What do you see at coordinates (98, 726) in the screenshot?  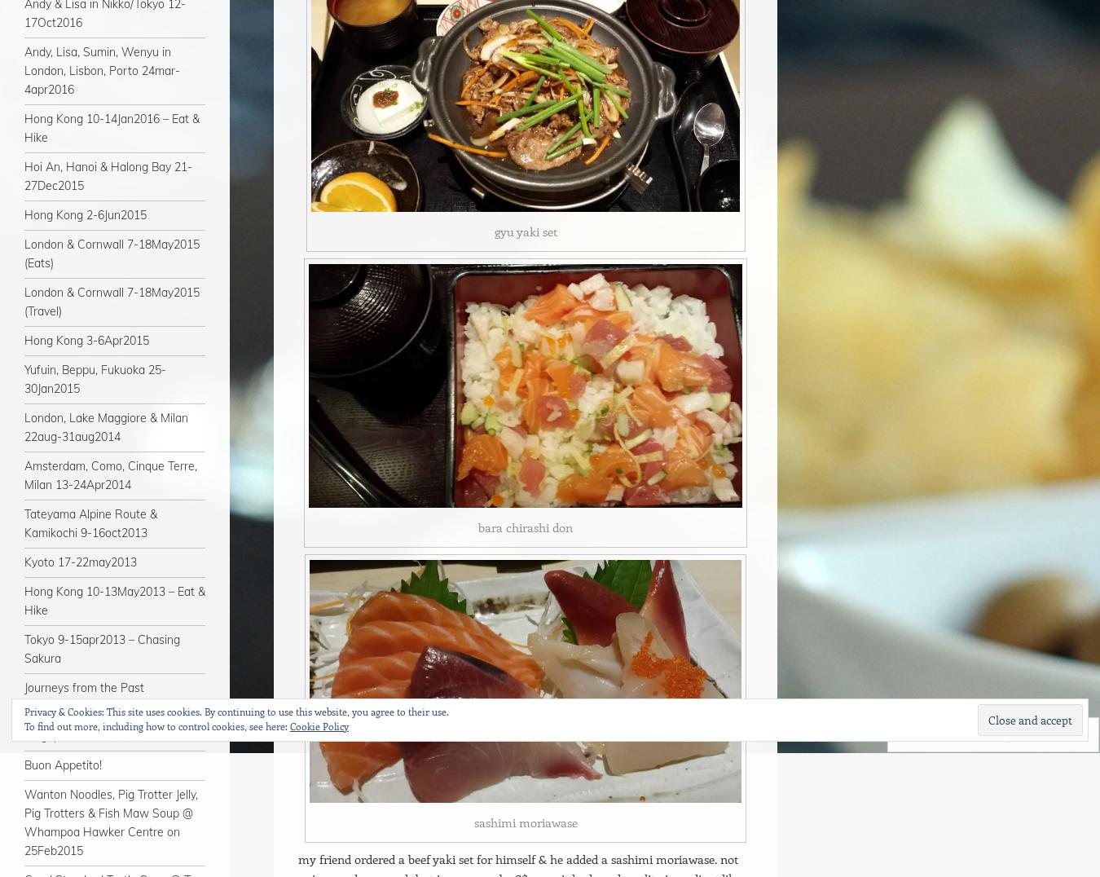 I see `'Hawker Food Tour & Hike in Singapore'` at bounding box center [98, 726].